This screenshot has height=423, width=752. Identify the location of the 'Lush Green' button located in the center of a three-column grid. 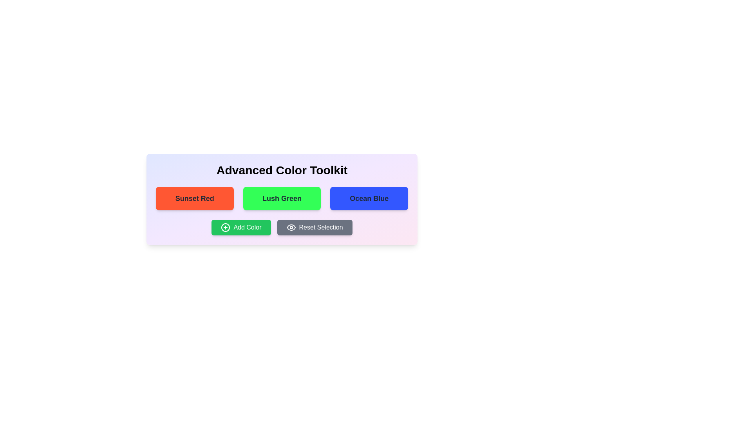
(282, 198).